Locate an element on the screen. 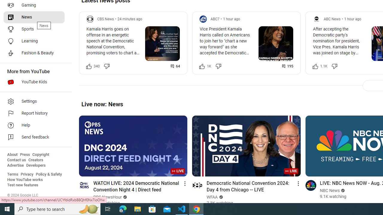  'Creators' is located at coordinates (35, 160).